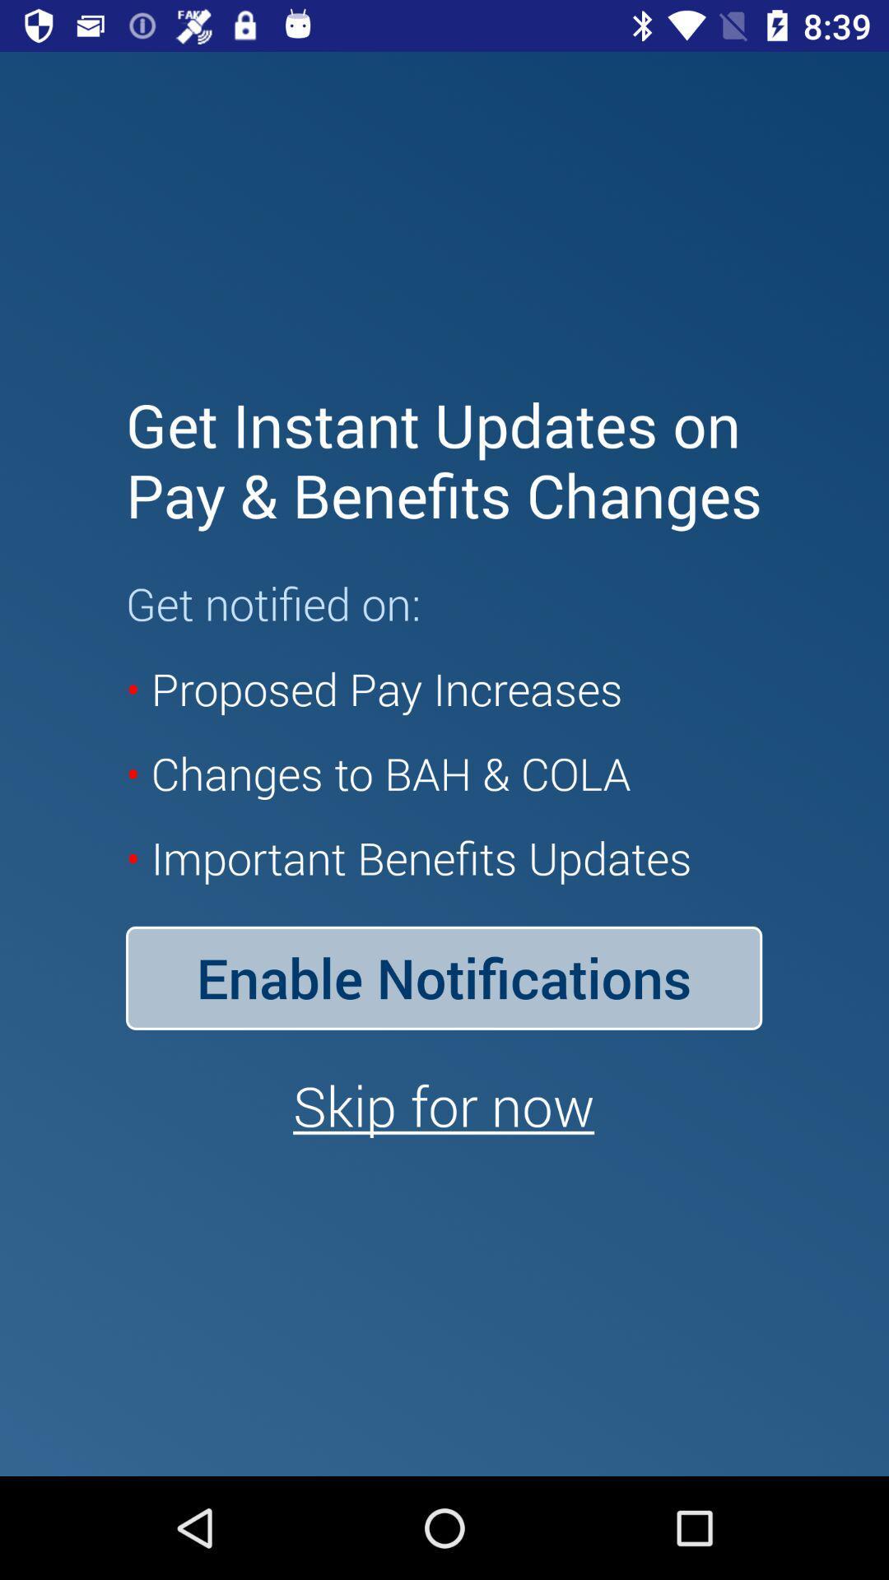 The image size is (889, 1580). What do you see at coordinates (443, 978) in the screenshot?
I see `the enable notifications` at bounding box center [443, 978].